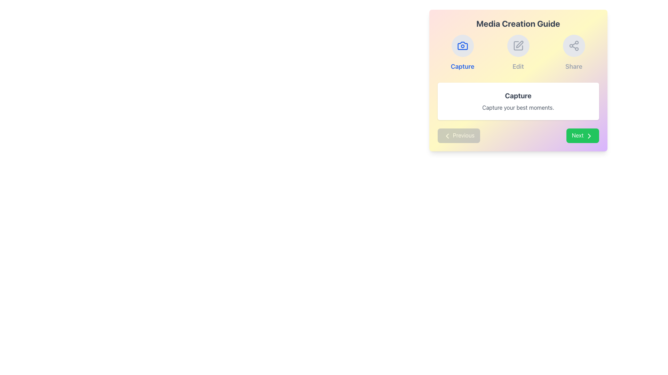 The width and height of the screenshot is (668, 375). What do you see at coordinates (518, 45) in the screenshot?
I see `the 'Edit' icon button located at the top of the 'Media Creation Guide' section` at bounding box center [518, 45].